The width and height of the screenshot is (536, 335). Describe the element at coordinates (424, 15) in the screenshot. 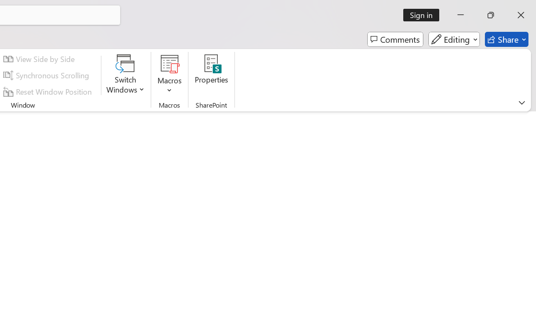

I see `'Sign in'` at that location.